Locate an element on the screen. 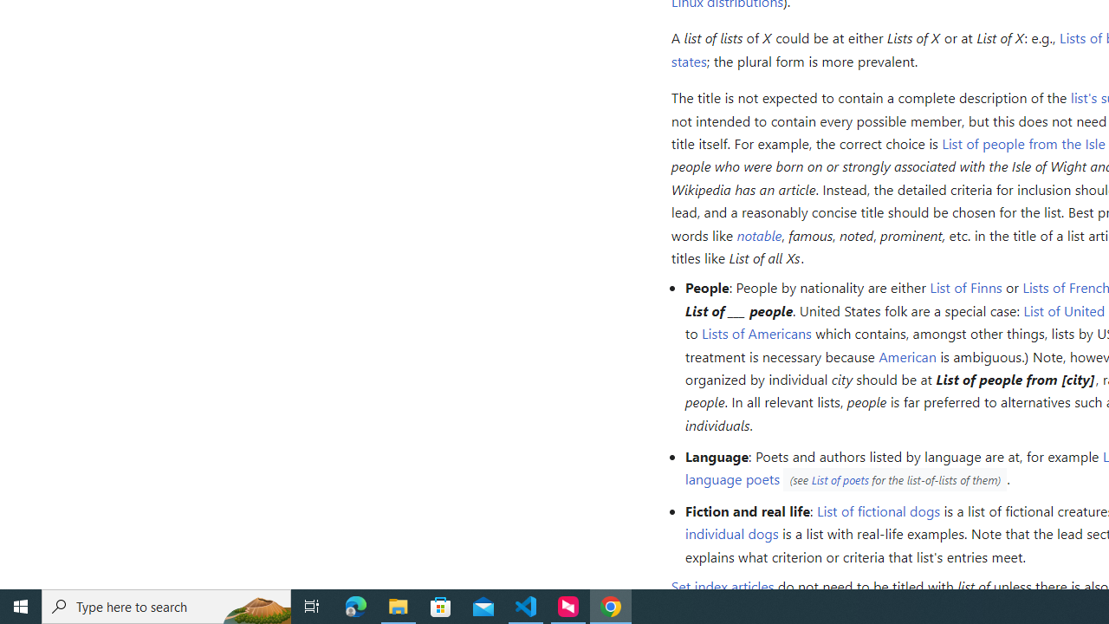 This screenshot has width=1109, height=624. 'Set index articles' is located at coordinates (722, 586).